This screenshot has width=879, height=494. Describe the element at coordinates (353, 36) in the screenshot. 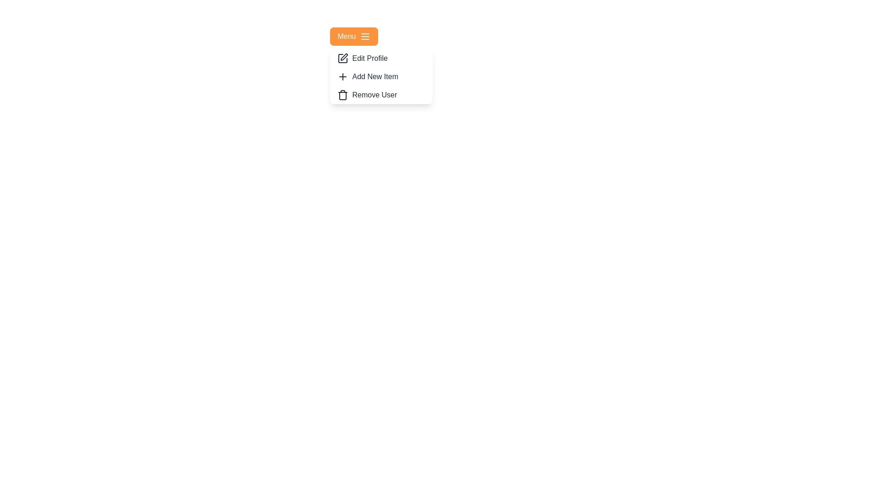

I see `the 'Menu' button to toggle the menu visibility` at that location.